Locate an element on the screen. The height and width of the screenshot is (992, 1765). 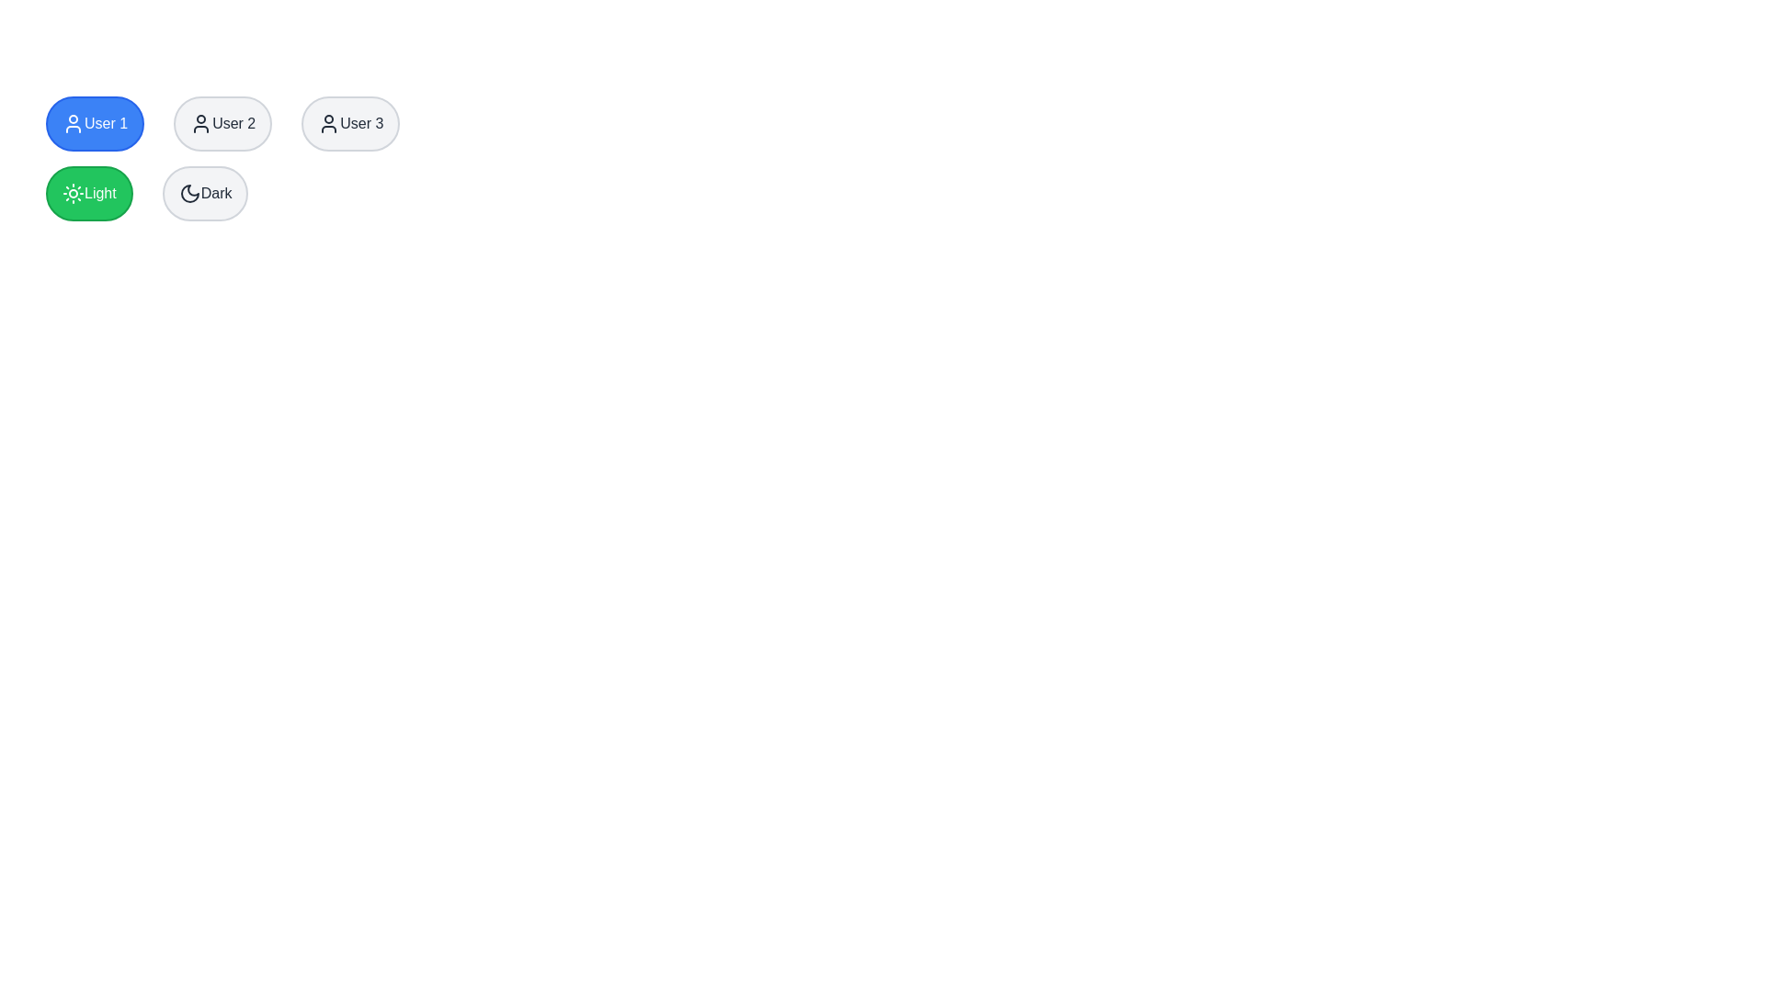
the interactive button labeled 'User 3' is located at coordinates (350, 124).